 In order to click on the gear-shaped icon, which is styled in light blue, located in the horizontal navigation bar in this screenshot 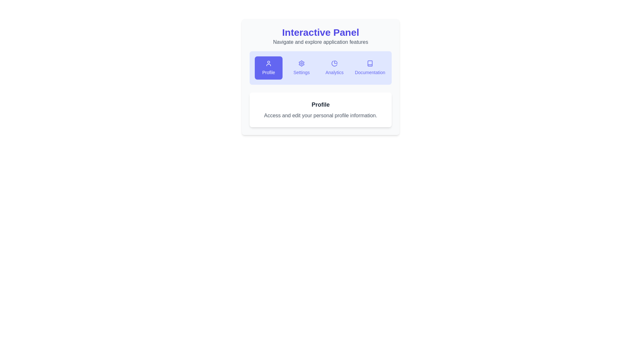, I will do `click(301, 63)`.